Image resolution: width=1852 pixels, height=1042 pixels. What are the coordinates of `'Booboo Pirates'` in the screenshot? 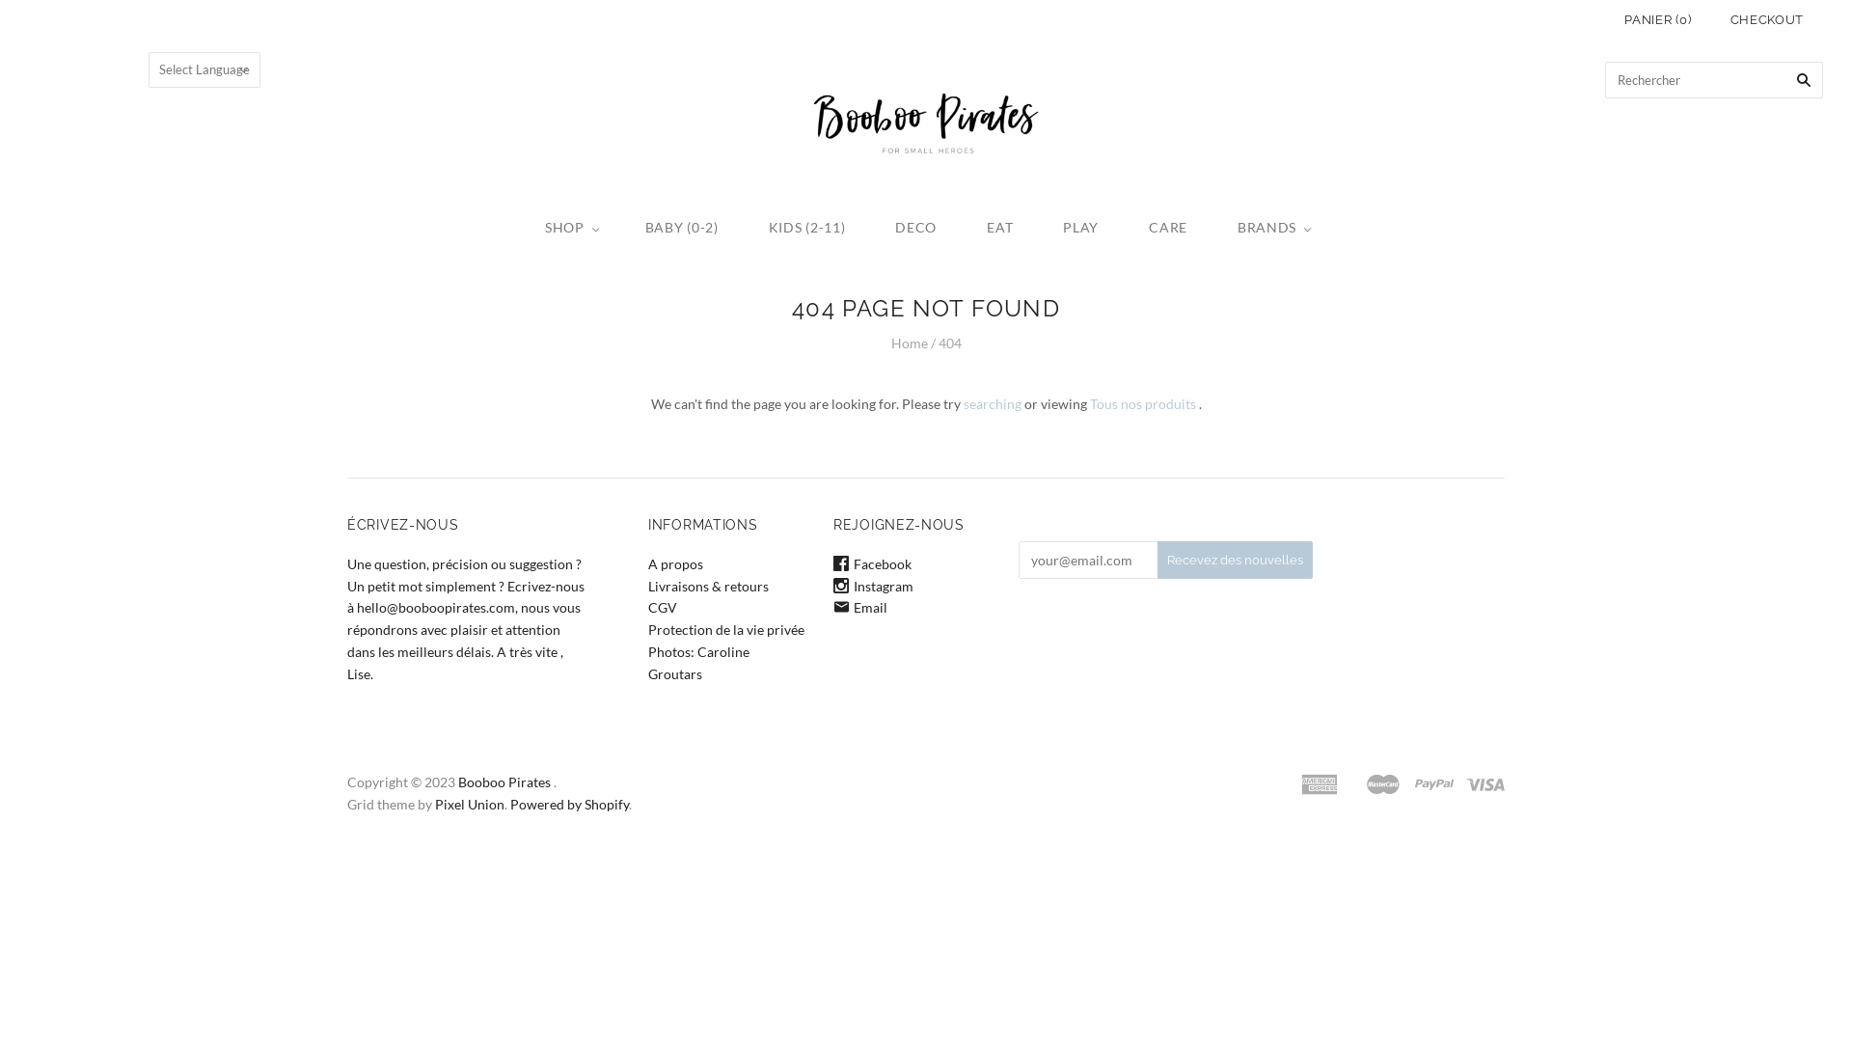 It's located at (457, 781).